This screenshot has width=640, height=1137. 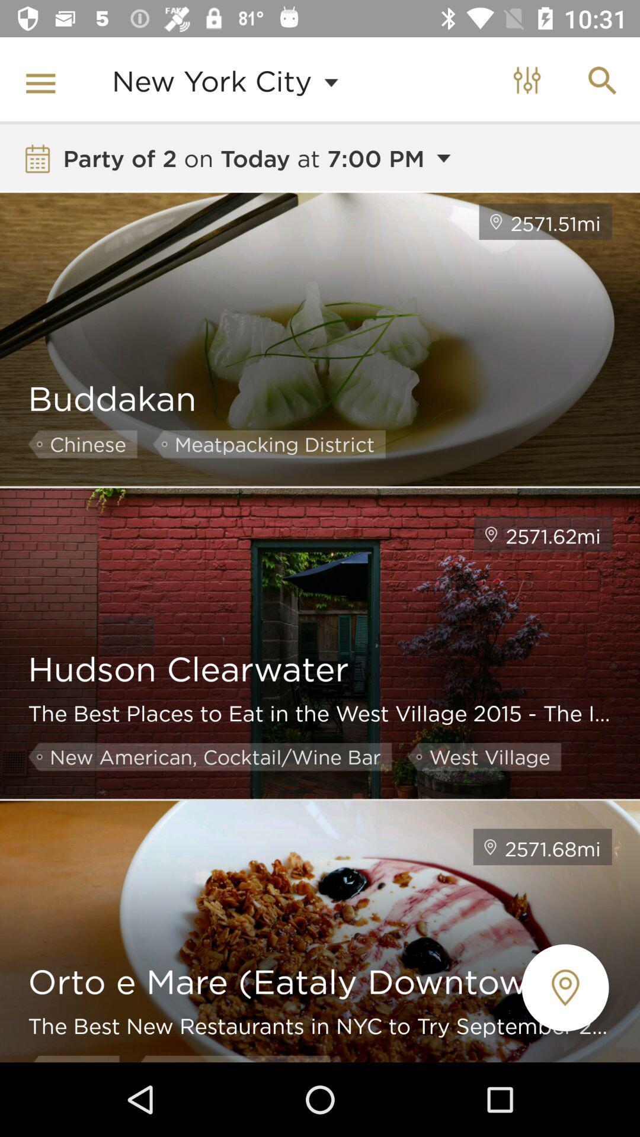 What do you see at coordinates (565, 988) in the screenshot?
I see `the location icon positioned at the bottom right corner` at bounding box center [565, 988].